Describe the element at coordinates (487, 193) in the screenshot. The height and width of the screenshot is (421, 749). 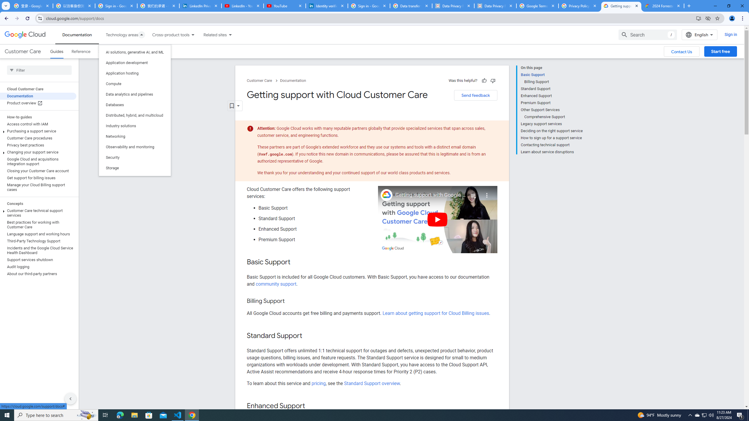
I see `'More'` at that location.